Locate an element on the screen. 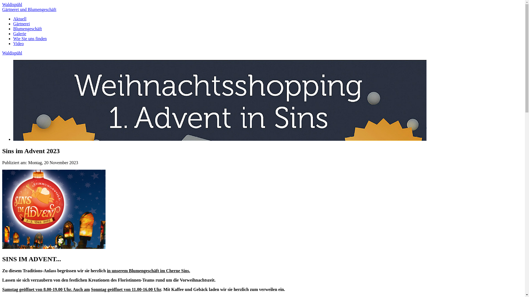 This screenshot has height=297, width=529. 'Video' is located at coordinates (18, 43).